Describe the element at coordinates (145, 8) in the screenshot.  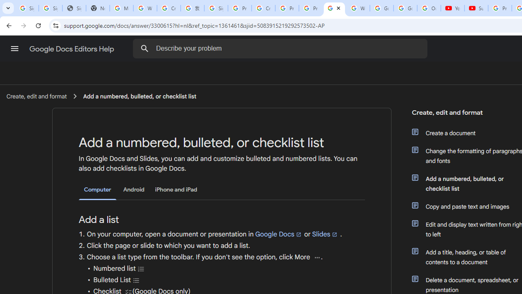
I see `'Who is my administrator? - Google Account Help'` at that location.